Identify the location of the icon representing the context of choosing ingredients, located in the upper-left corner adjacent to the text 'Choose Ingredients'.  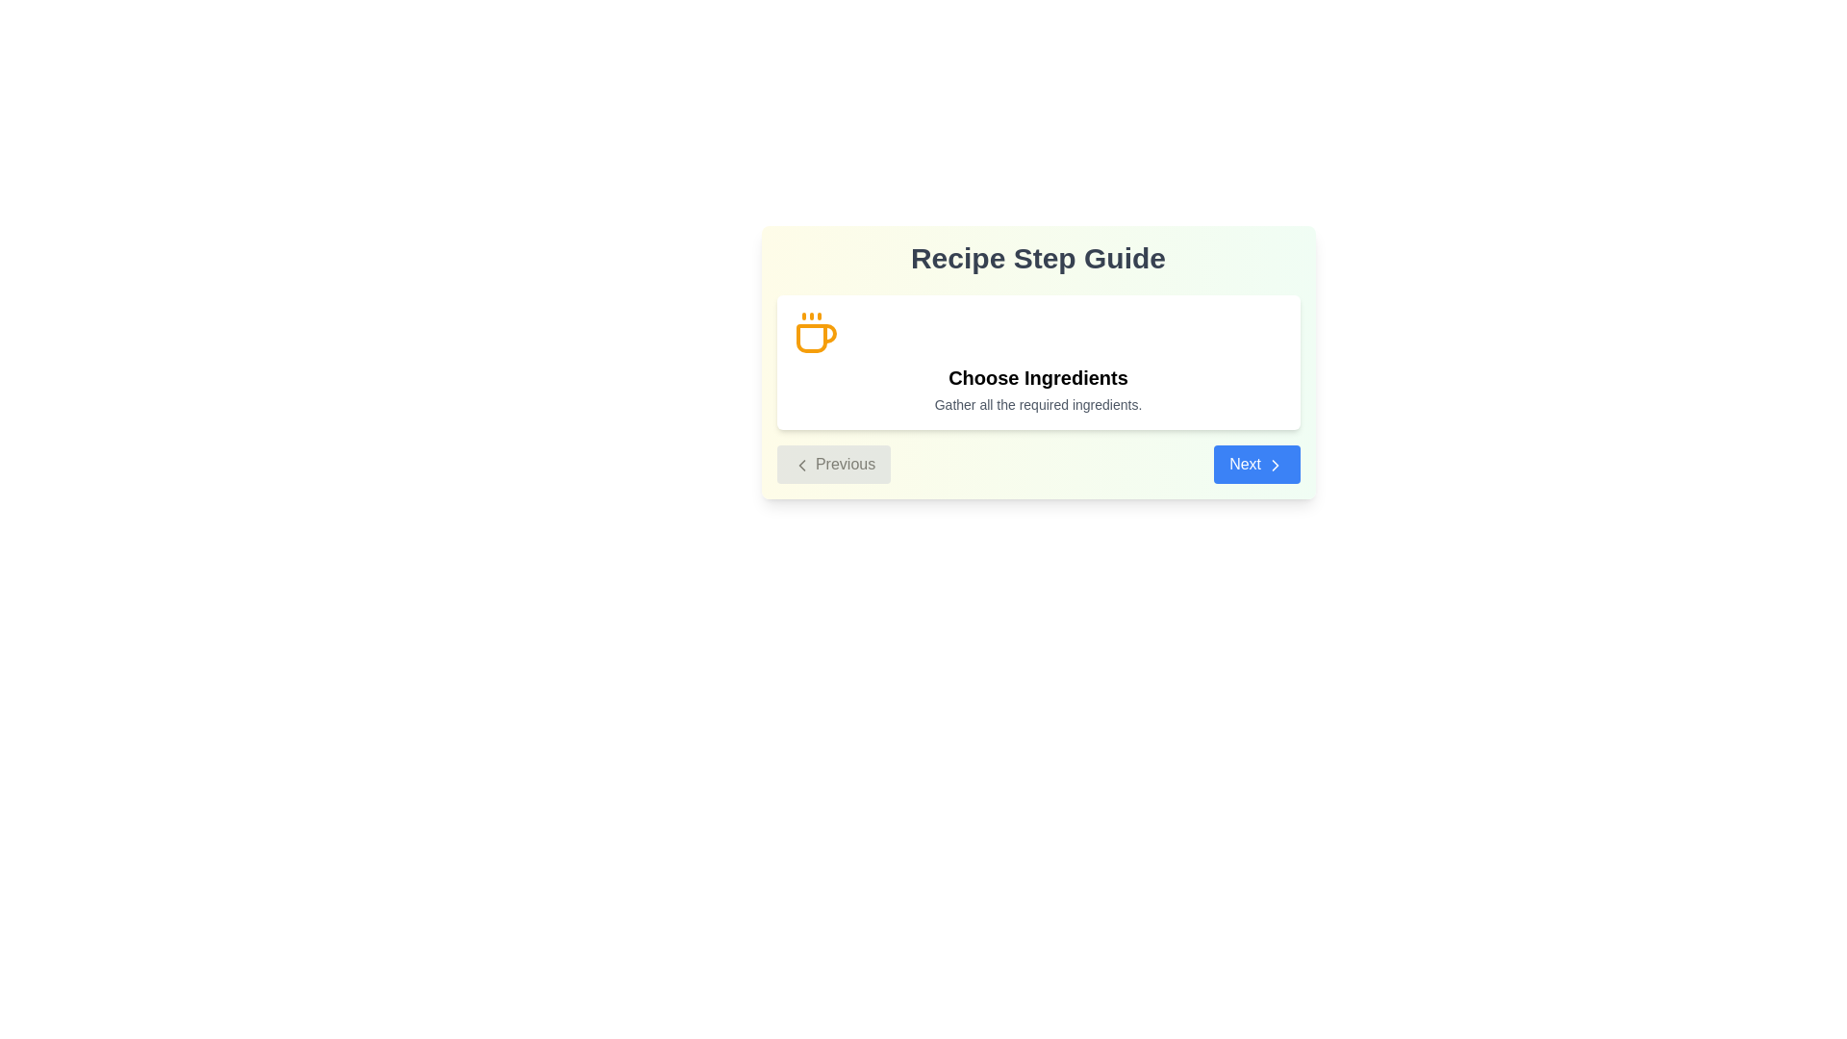
(815, 333).